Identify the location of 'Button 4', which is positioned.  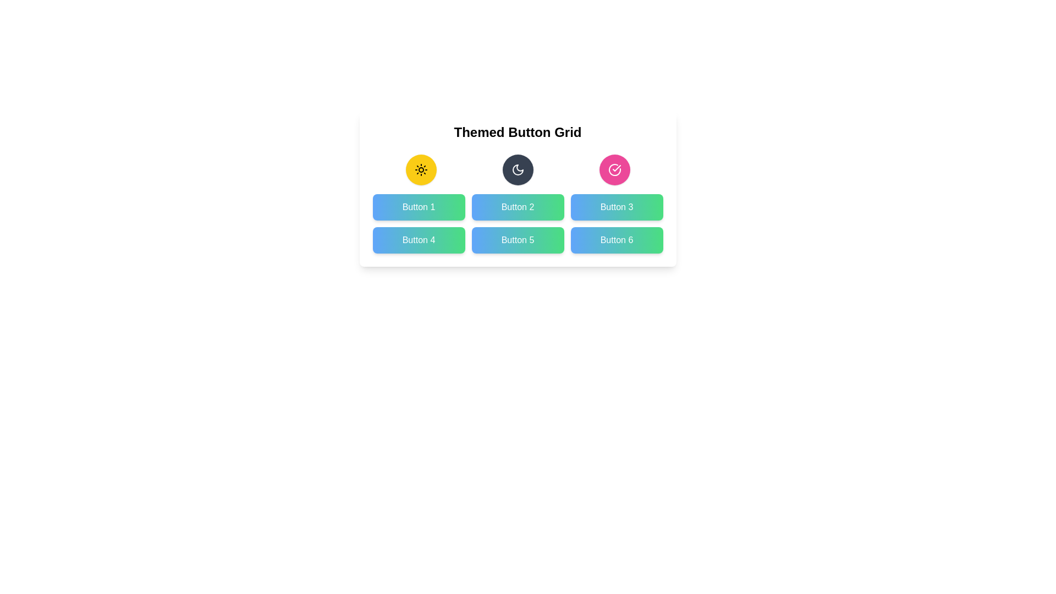
(418, 239).